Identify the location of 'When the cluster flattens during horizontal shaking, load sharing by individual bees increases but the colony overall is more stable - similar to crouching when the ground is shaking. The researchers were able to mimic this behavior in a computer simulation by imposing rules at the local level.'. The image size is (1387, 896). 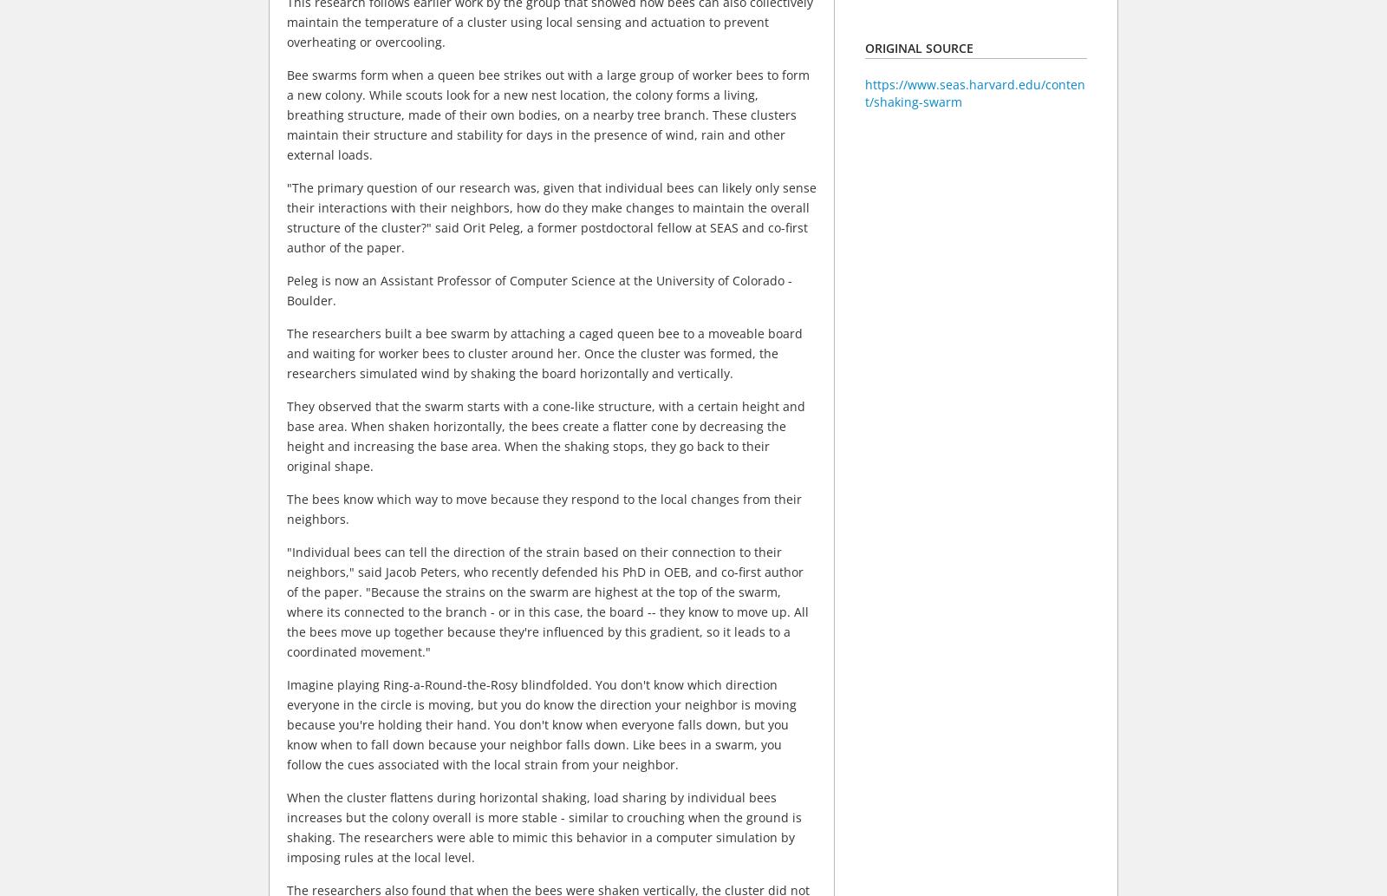
(544, 826).